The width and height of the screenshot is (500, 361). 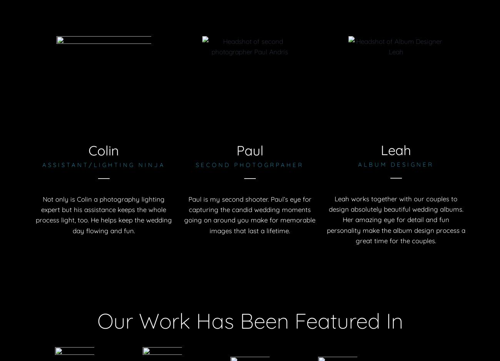 I want to click on 'Leah', so click(x=395, y=149).